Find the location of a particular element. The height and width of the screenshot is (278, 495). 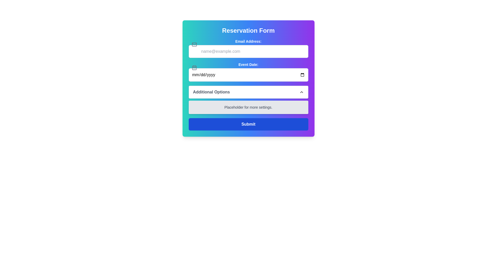

the Icon segment of the mail icon, which is a rounded rectangular shape with dimensions of 20x16 units, located near the top of the form to the left of the 'Email Address' input field is located at coordinates (194, 44).